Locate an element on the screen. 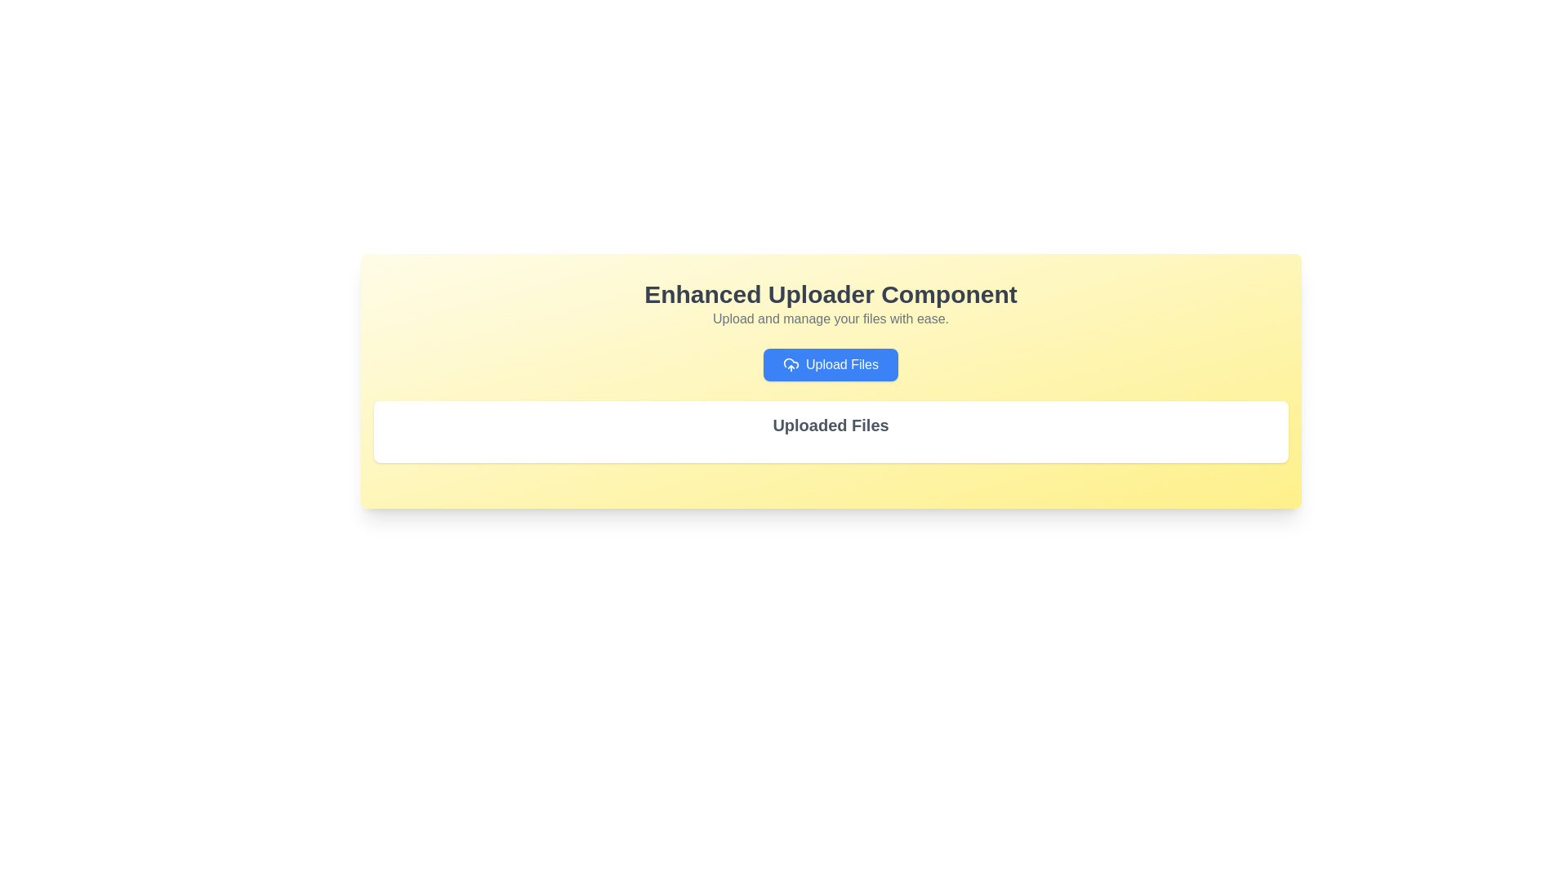  the upload icon, which is centered horizontally within the 'Upload Files' button and positioned slightly to the left of its text label is located at coordinates (791, 364).